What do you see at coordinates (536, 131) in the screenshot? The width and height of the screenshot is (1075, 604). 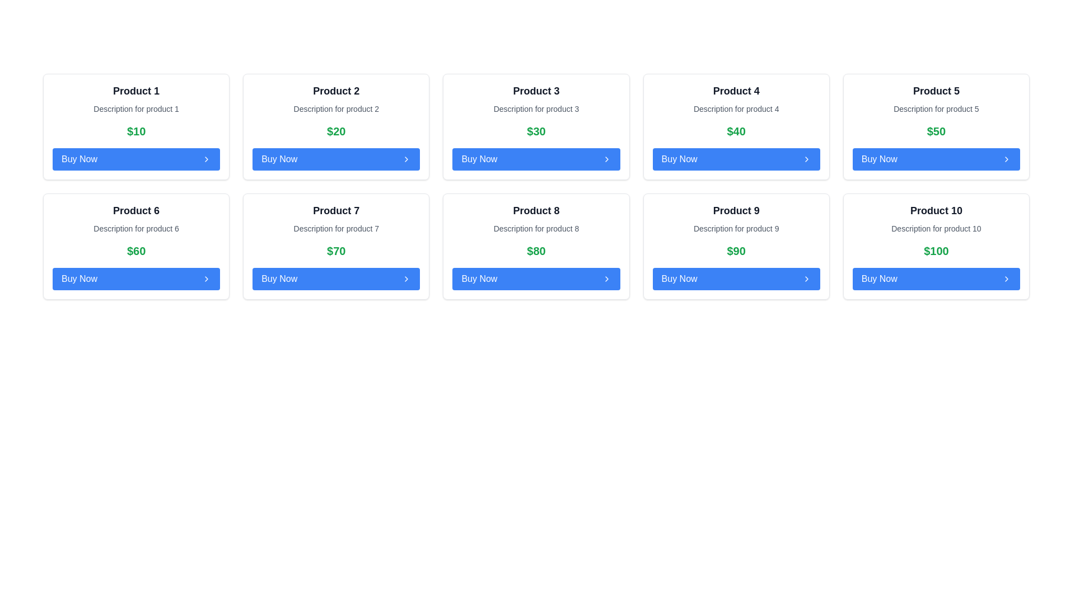 I see `the text label displaying '$30' in bold green font located below the product description of 'Product 3' and above the 'Buy Now' button` at bounding box center [536, 131].